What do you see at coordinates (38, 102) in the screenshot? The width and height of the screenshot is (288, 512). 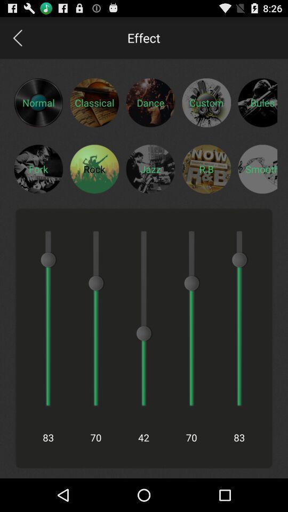 I see `normal` at bounding box center [38, 102].